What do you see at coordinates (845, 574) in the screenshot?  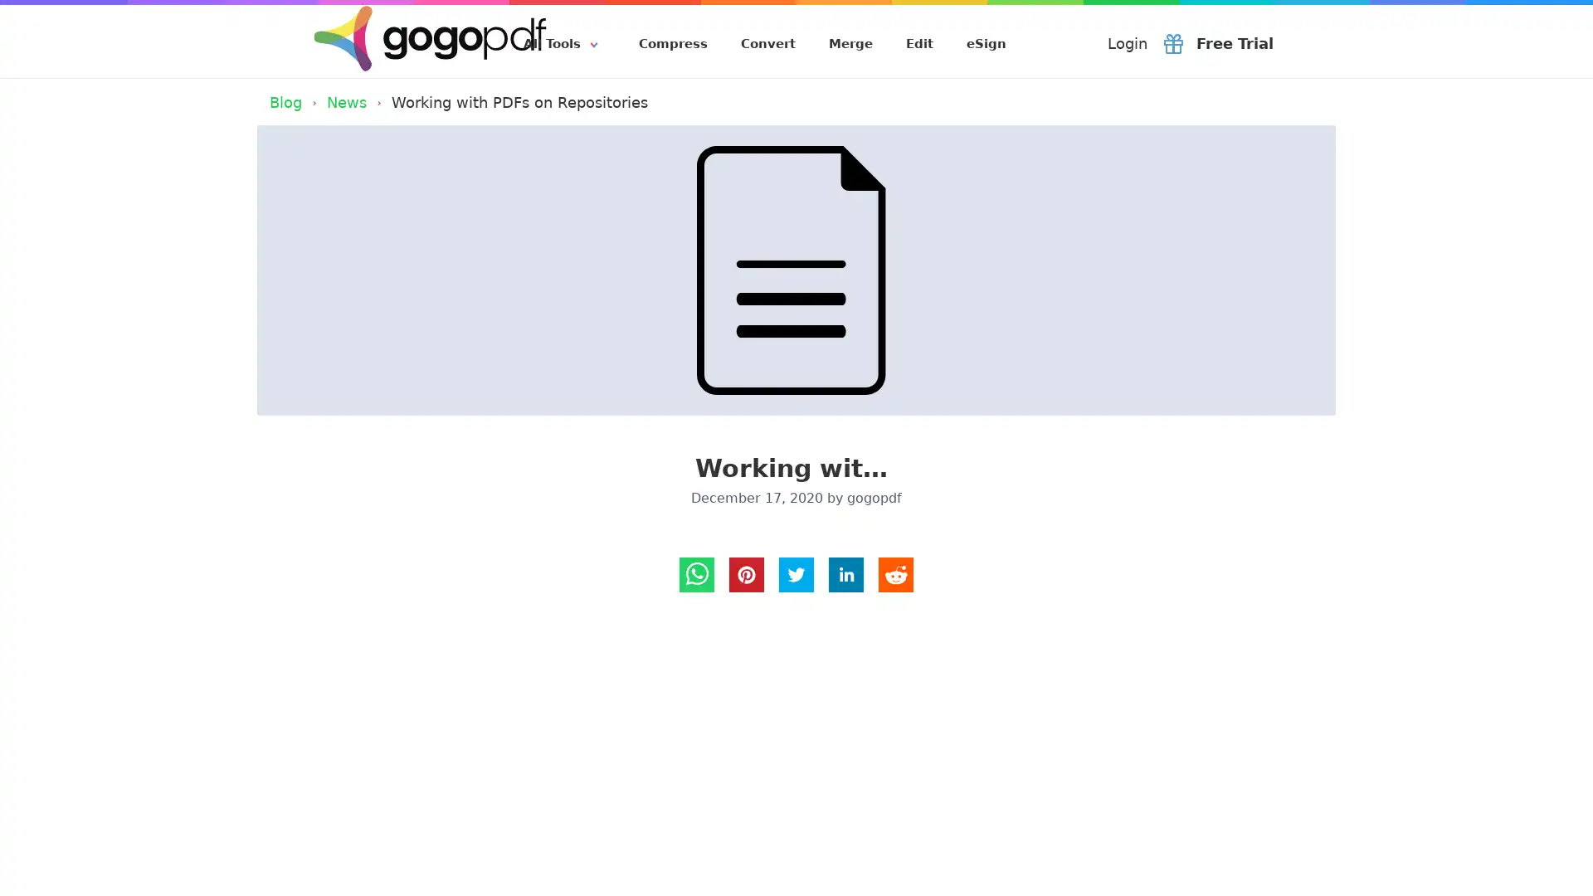 I see `LinkedIn` at bounding box center [845, 574].